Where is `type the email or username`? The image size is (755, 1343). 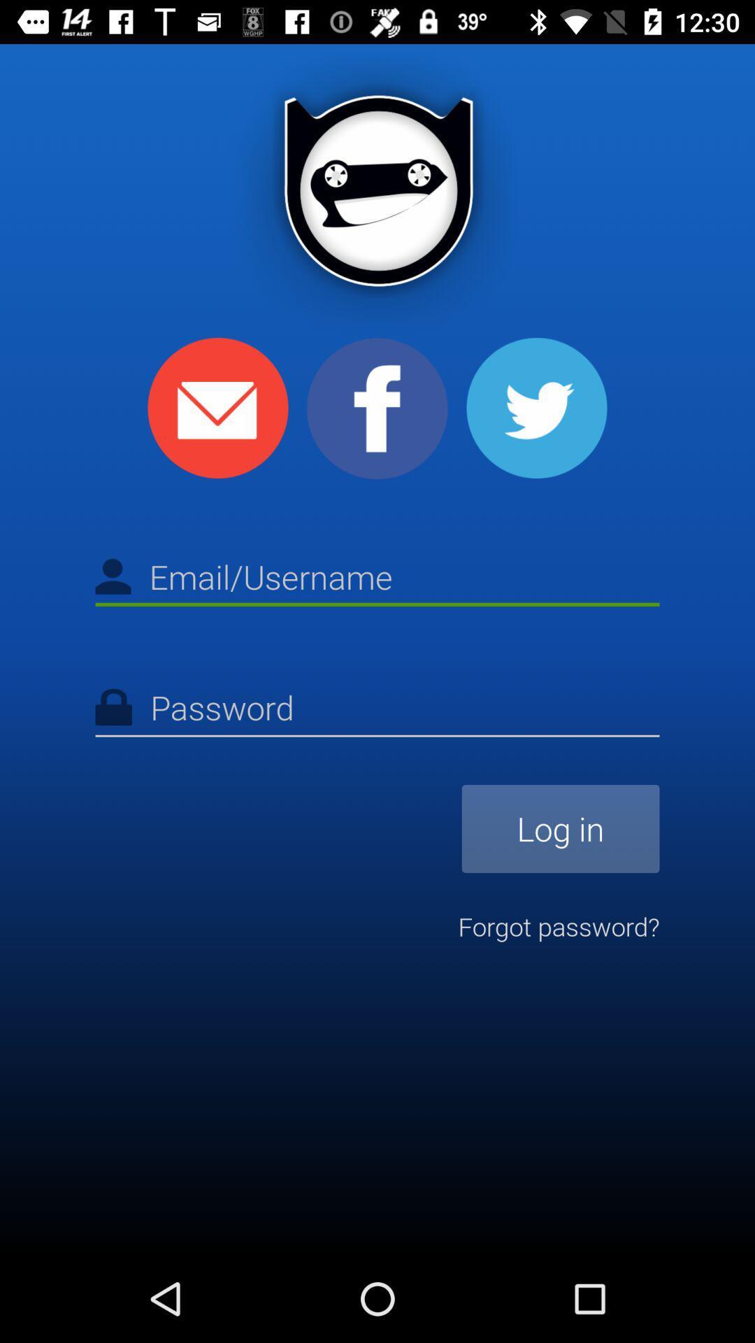 type the email or username is located at coordinates (377, 579).